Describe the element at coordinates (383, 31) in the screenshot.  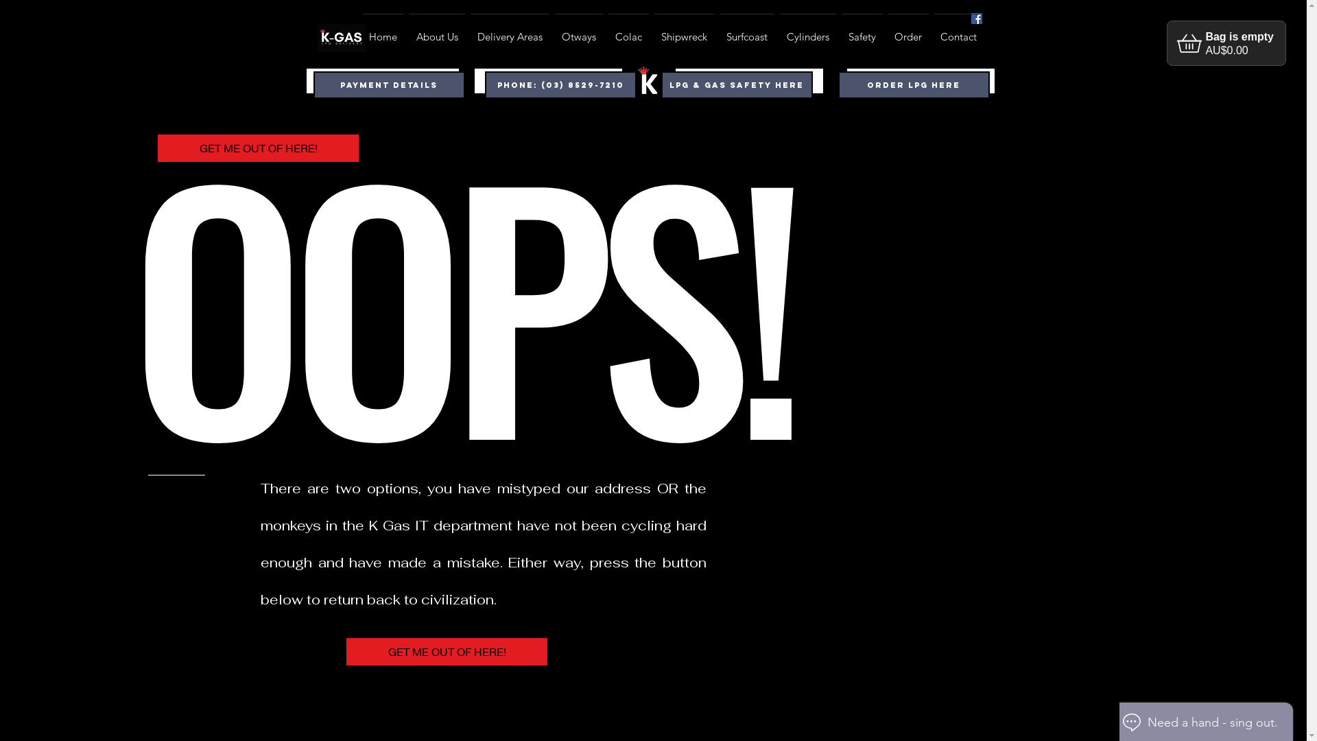
I see `'Home'` at that location.